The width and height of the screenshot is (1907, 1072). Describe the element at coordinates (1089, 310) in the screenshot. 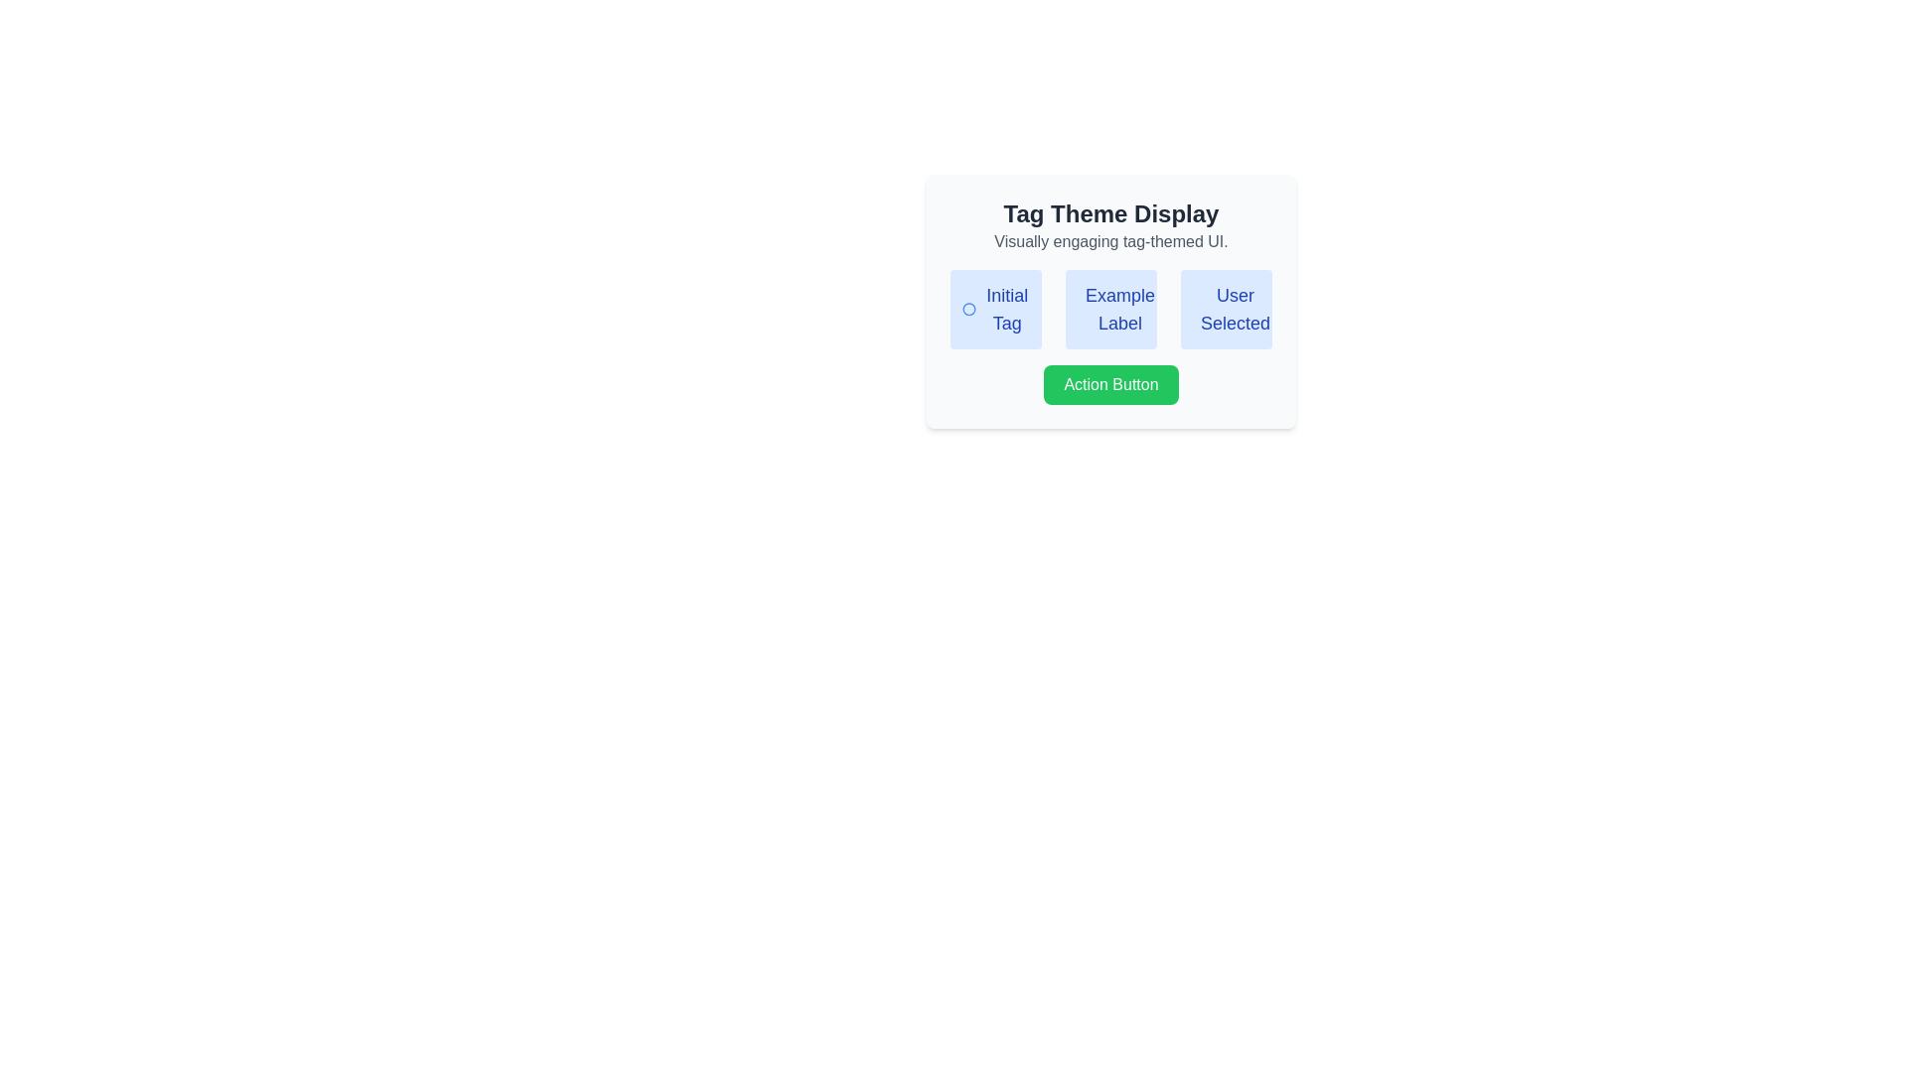

I see `the circular SVG element located centrally within the 'Example Label' button, which is the middle button in the three-button group under 'Tag Theme Display'` at that location.